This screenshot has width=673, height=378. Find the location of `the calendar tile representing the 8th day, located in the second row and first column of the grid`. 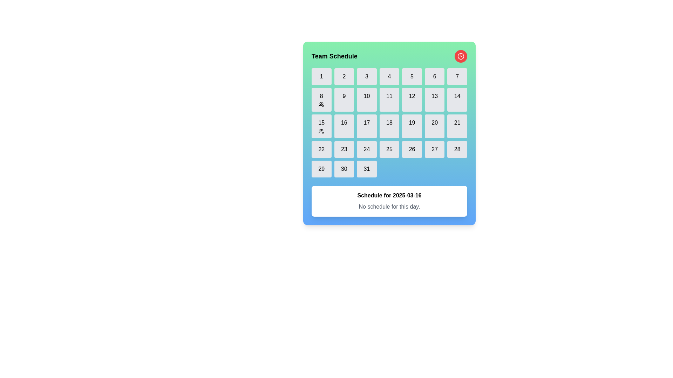

the calendar tile representing the 8th day, located in the second row and first column of the grid is located at coordinates (321, 100).